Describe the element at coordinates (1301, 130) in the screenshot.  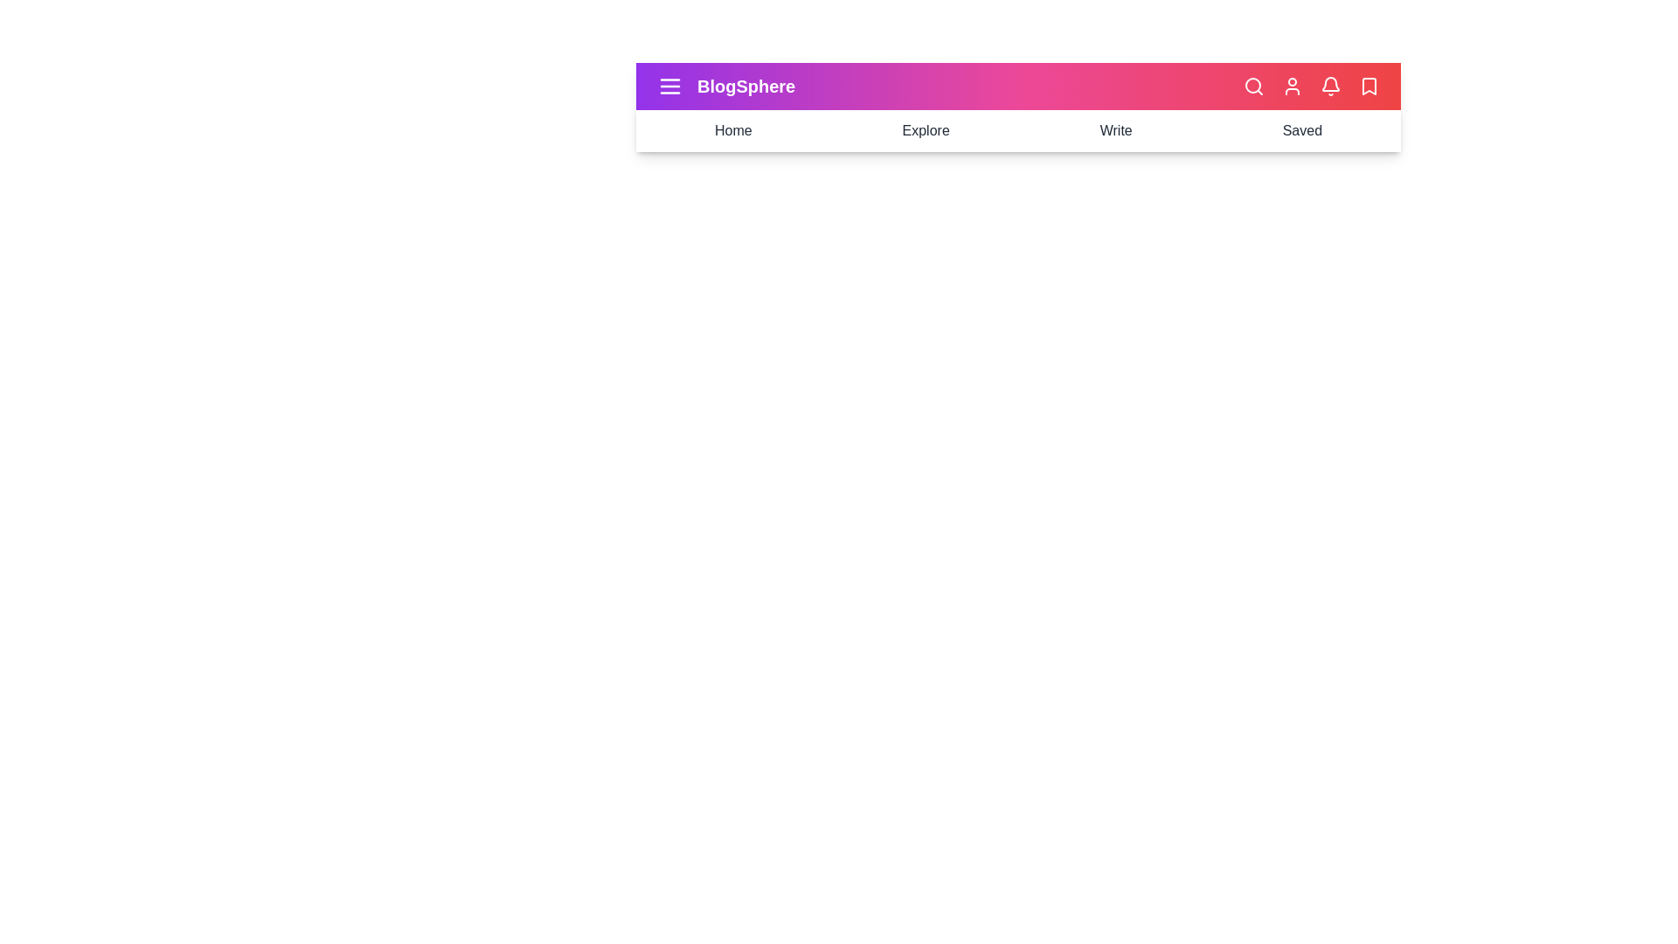
I see `the element Saved to preview its effect` at that location.